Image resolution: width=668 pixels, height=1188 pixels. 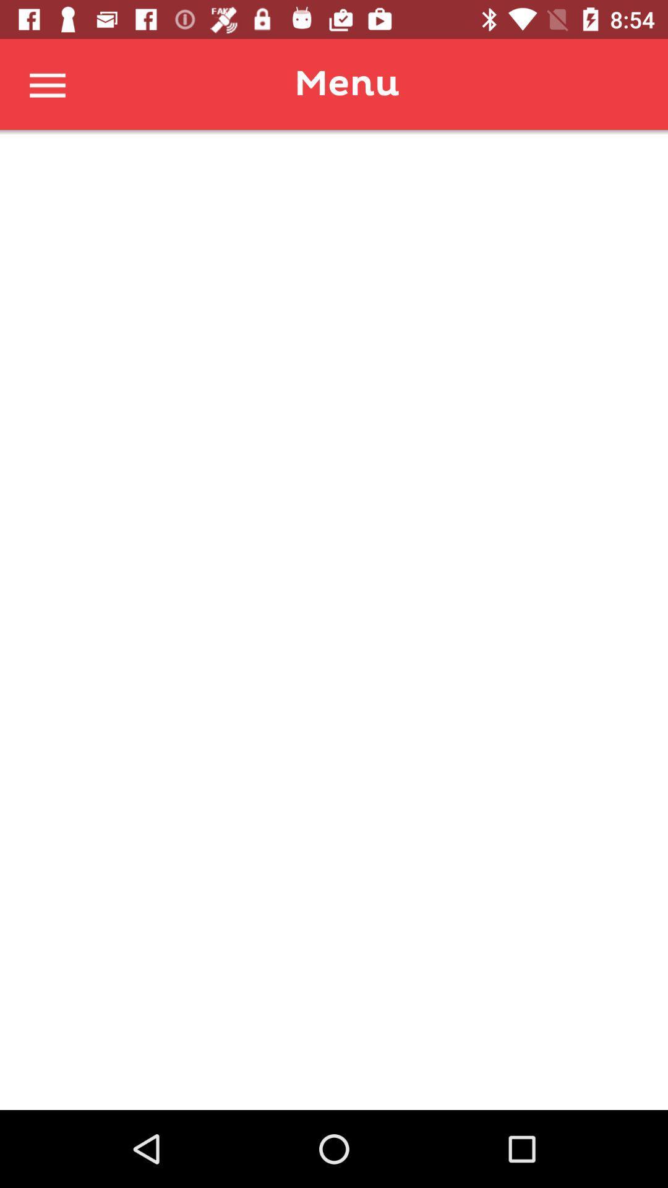 What do you see at coordinates (48, 84) in the screenshot?
I see `the menu curtain` at bounding box center [48, 84].